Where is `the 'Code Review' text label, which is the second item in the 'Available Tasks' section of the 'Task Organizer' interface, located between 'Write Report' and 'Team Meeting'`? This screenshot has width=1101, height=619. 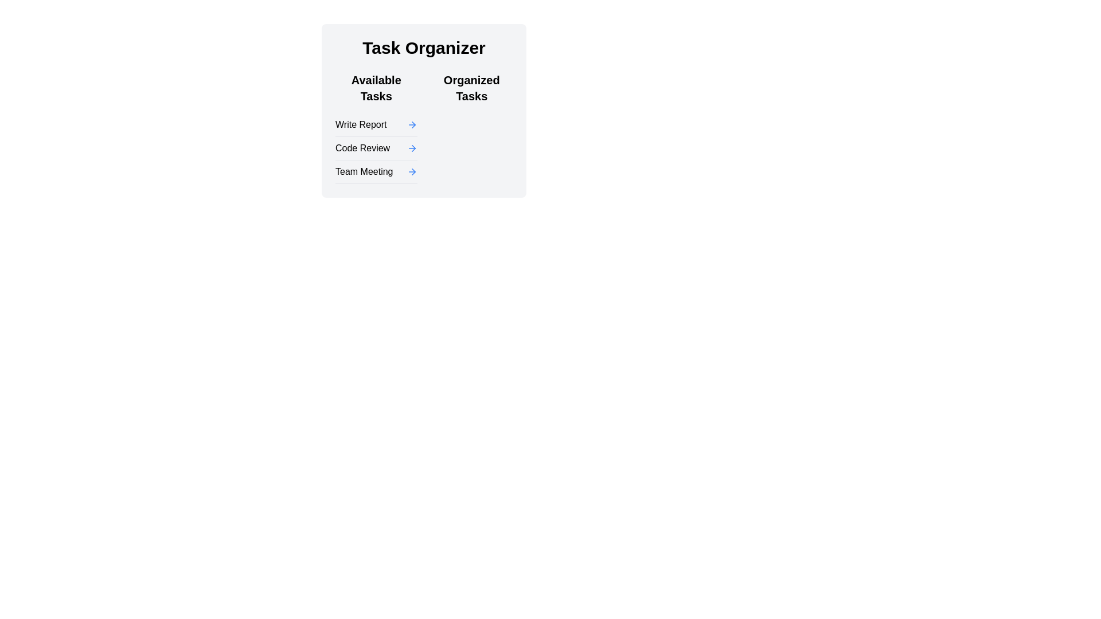
the 'Code Review' text label, which is the second item in the 'Available Tasks' section of the 'Task Organizer' interface, located between 'Write Report' and 'Team Meeting' is located at coordinates (362, 147).